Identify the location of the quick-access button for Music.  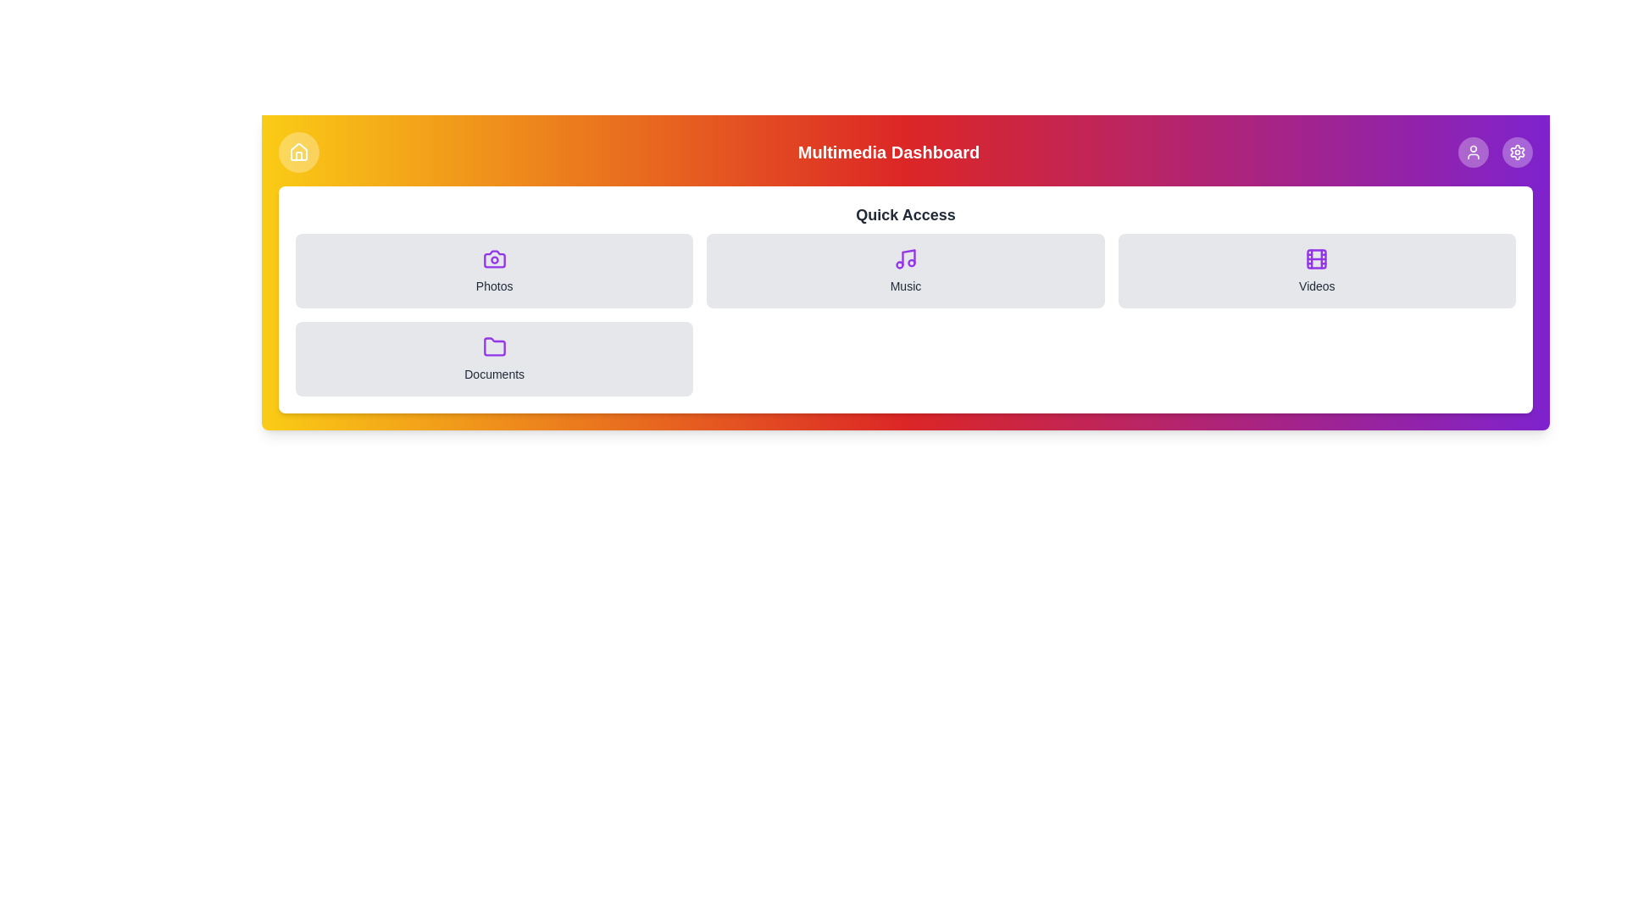
(905, 270).